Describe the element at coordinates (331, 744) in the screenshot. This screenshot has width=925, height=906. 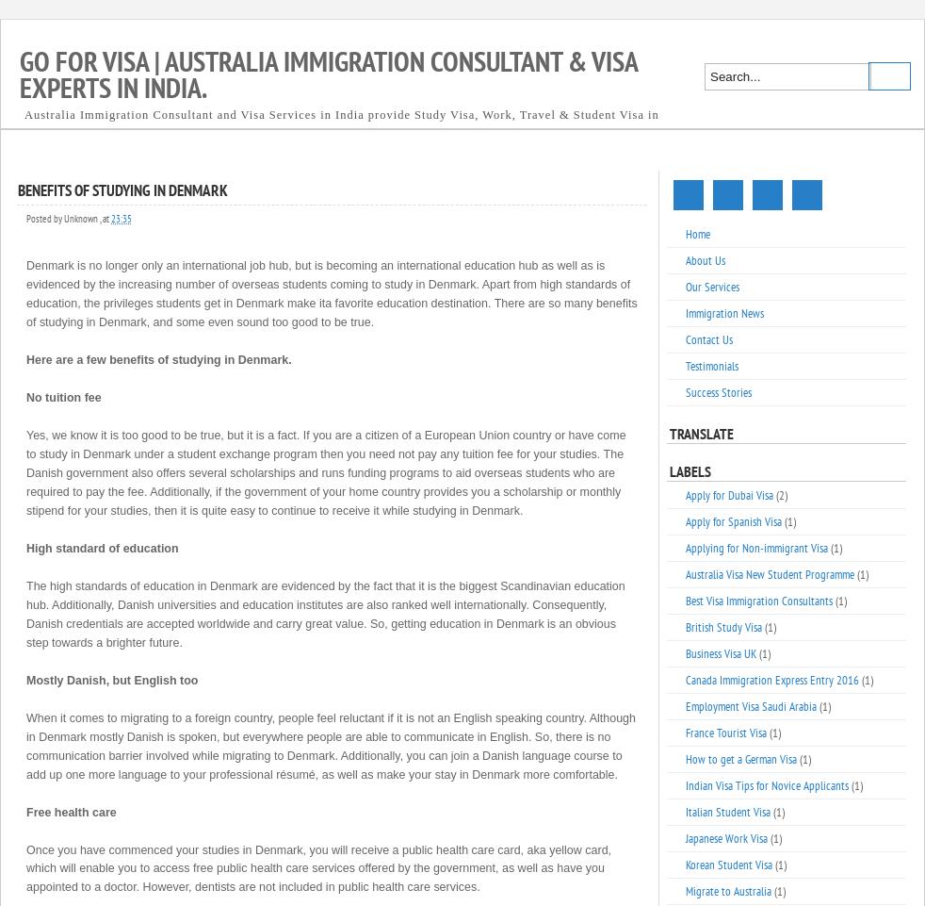
I see `'When it comes to migrating to a foreign country, people feel
reluctant if it is not an English speaking country. Although in Denmark mostly
Danish is spoken, but everywhere people are able to communicate in English. So,
there is no communication barrier involved while migrating to Denmark.
Additionally, you can join a Danish language course to add up one more language
to your professional résumé, as well as make your stay in Denmark more
comfortable.'` at that location.